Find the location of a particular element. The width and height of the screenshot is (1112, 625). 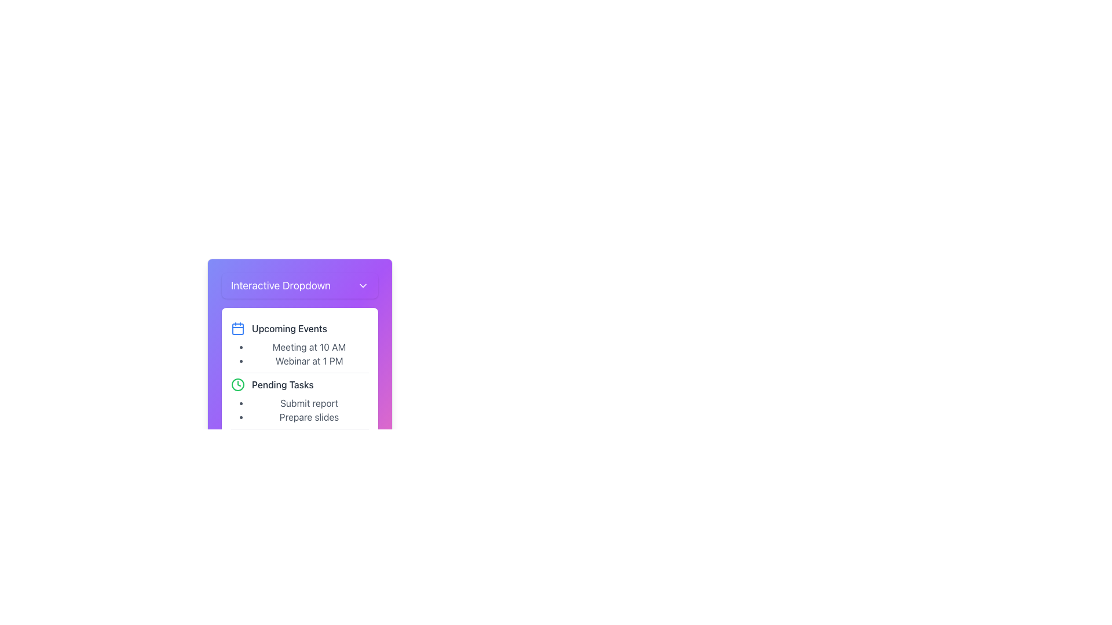

text of the list item displaying 'Prepare slides' in the 'Pending Tasks' section of the 'Interactive Dropdown' card is located at coordinates (309, 417).